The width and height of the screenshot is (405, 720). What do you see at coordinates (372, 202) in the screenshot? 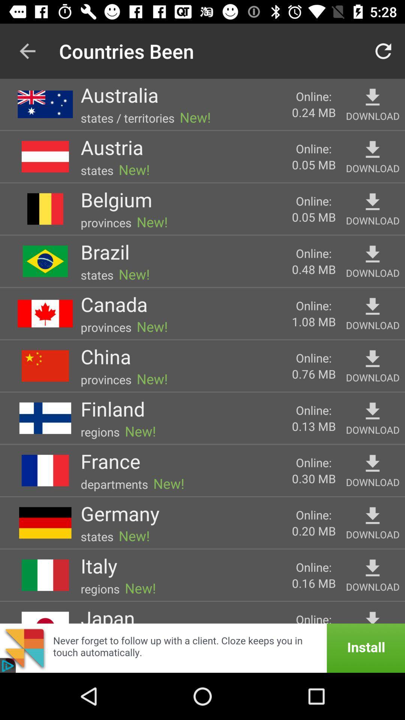
I see `download button` at bounding box center [372, 202].